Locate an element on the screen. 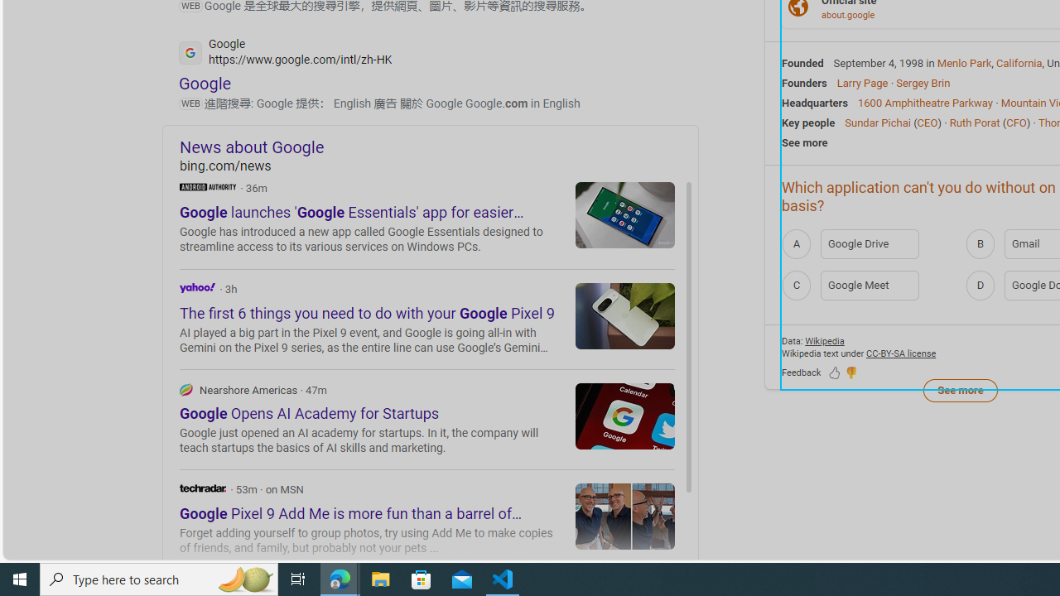 The image size is (1060, 596). 'Visual Studio Code - 1 running window' is located at coordinates (502, 578).